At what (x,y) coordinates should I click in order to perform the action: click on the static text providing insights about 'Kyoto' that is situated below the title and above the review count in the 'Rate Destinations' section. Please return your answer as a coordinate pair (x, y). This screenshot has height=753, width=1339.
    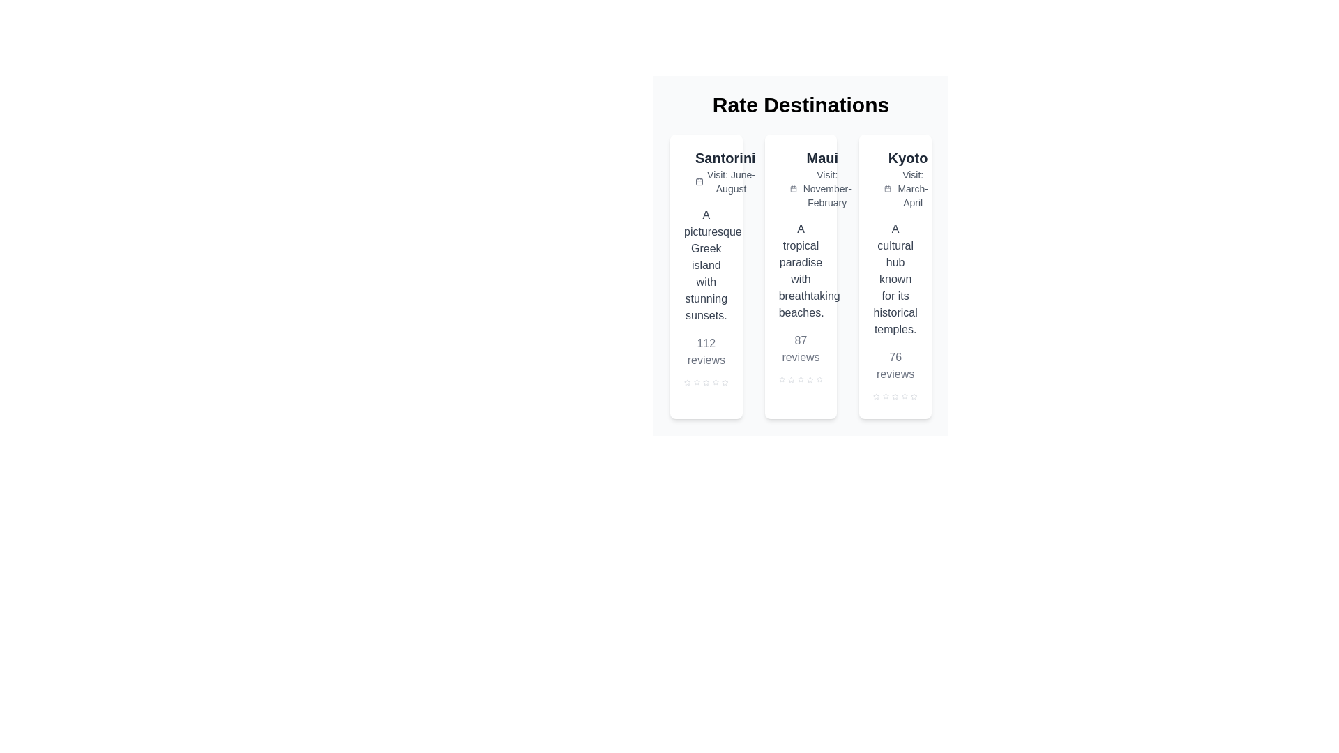
    Looking at the image, I should click on (895, 280).